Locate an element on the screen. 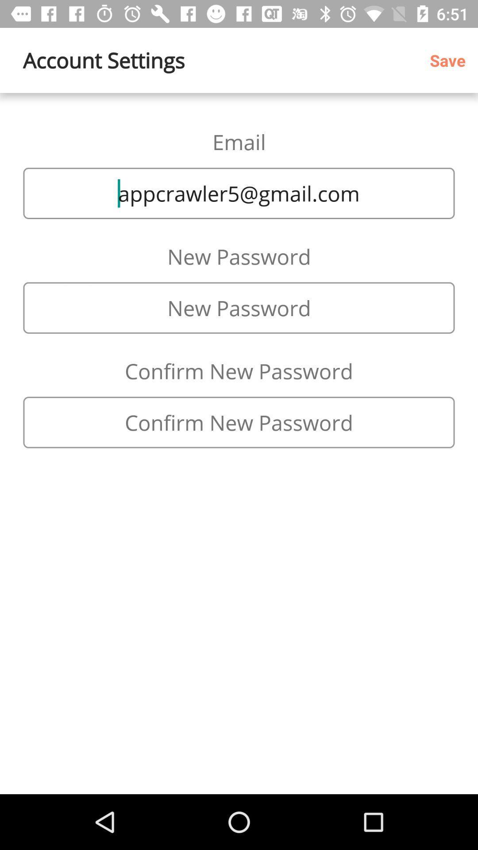 The width and height of the screenshot is (478, 850). appcrawler5@gmail.com item is located at coordinates (239, 193).